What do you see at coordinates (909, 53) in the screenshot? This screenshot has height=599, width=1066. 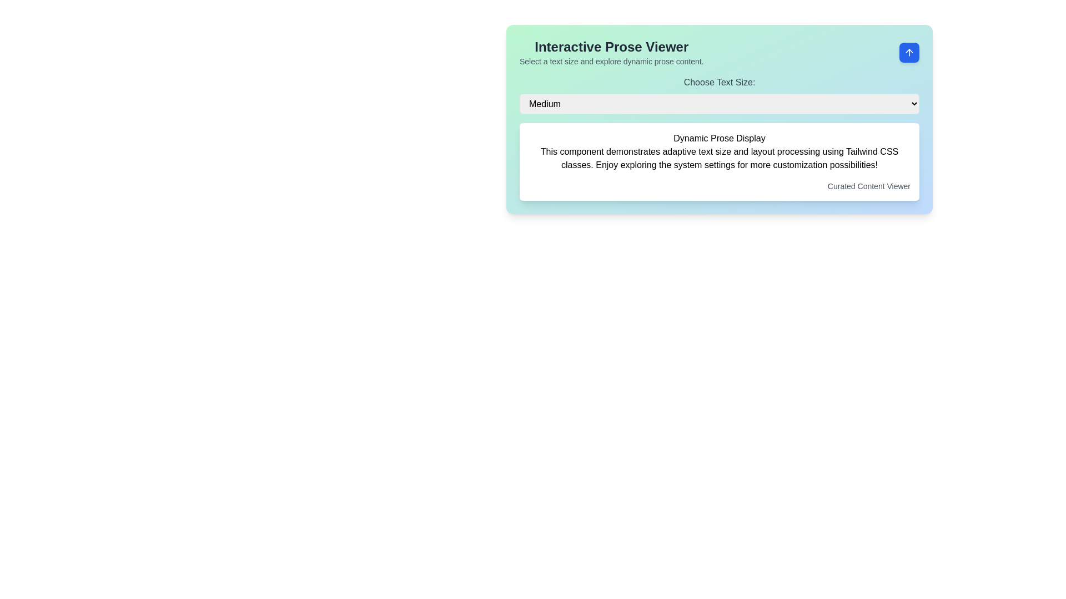 I see `the scroll-to-top icon located in the top-right corner of the 'Interactive Prose Viewer' card` at bounding box center [909, 53].